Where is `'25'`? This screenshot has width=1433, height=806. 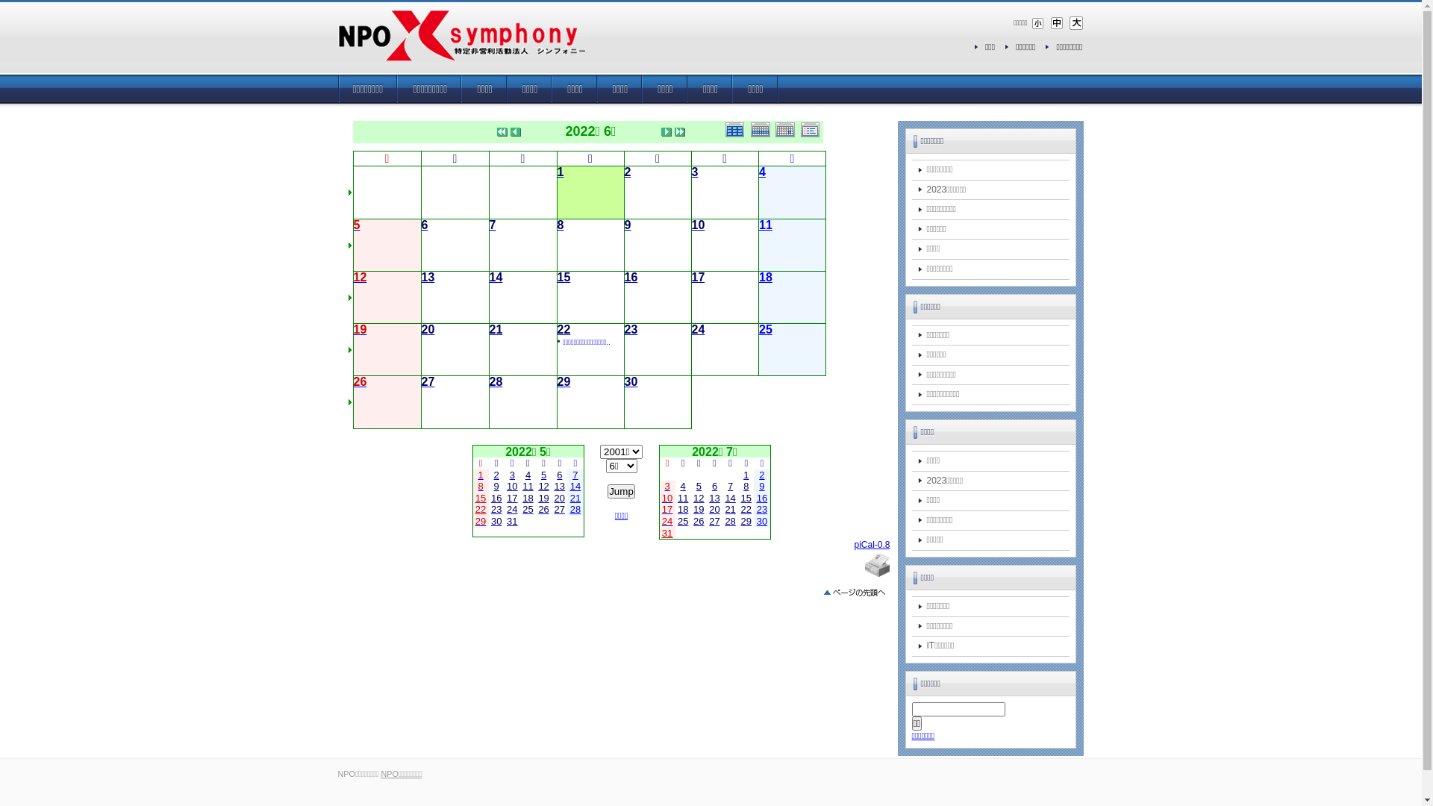 '25' is located at coordinates (766, 330).